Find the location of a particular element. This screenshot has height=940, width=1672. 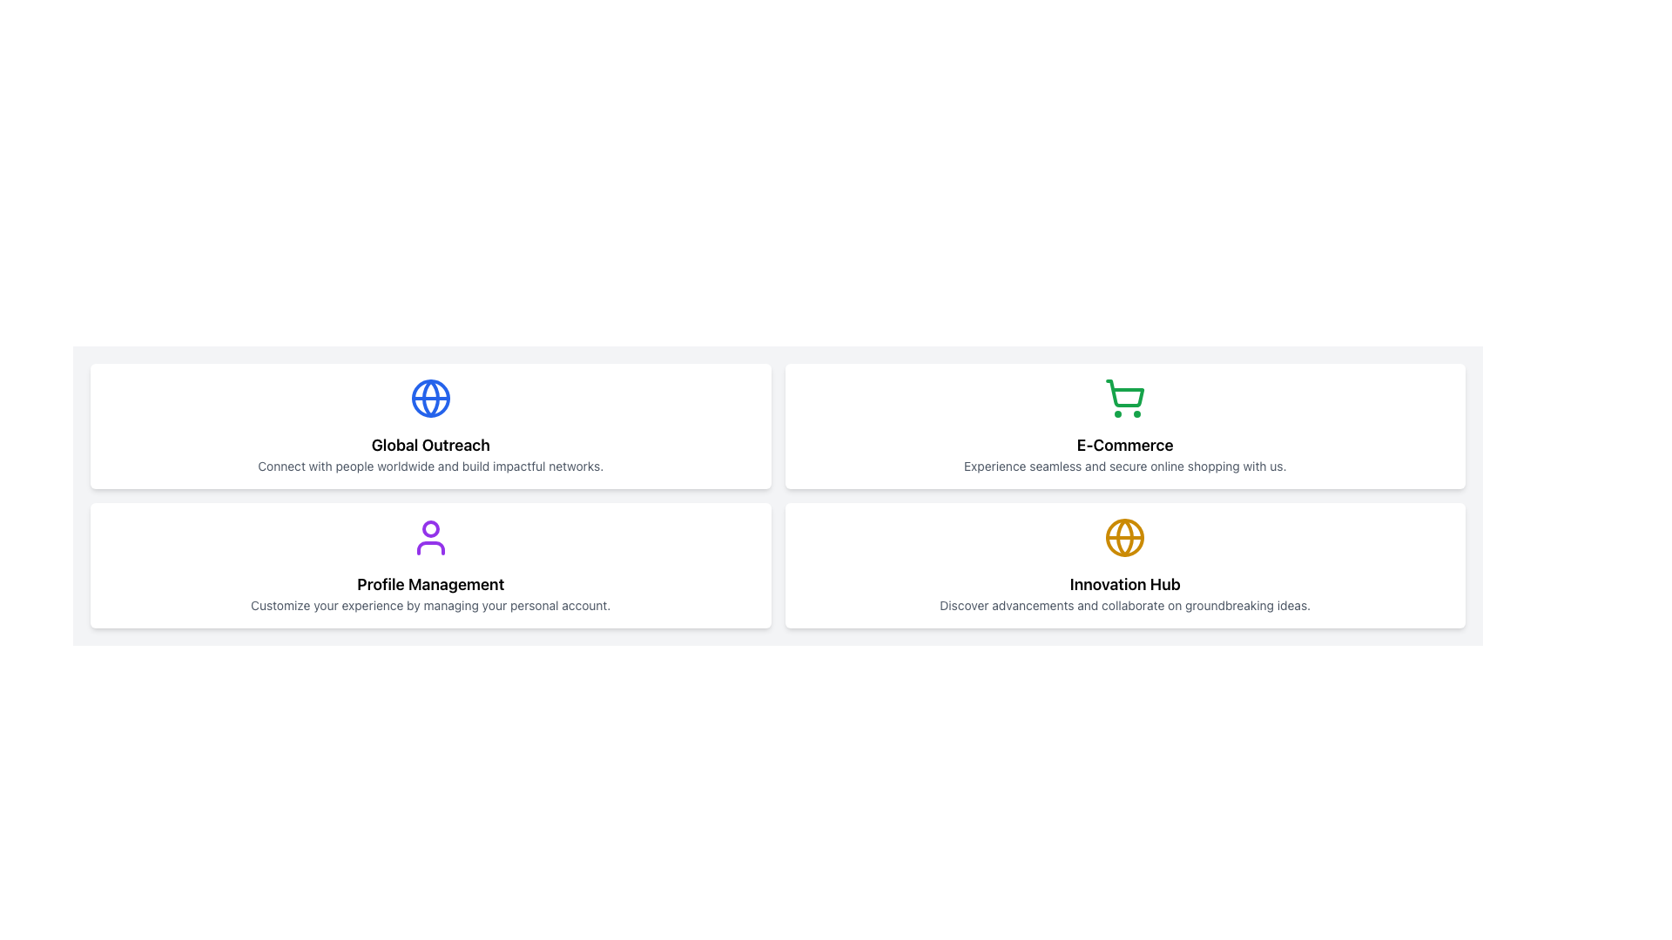

the globe icon at the center of the card titled 'Global Outreach' is located at coordinates (430, 399).